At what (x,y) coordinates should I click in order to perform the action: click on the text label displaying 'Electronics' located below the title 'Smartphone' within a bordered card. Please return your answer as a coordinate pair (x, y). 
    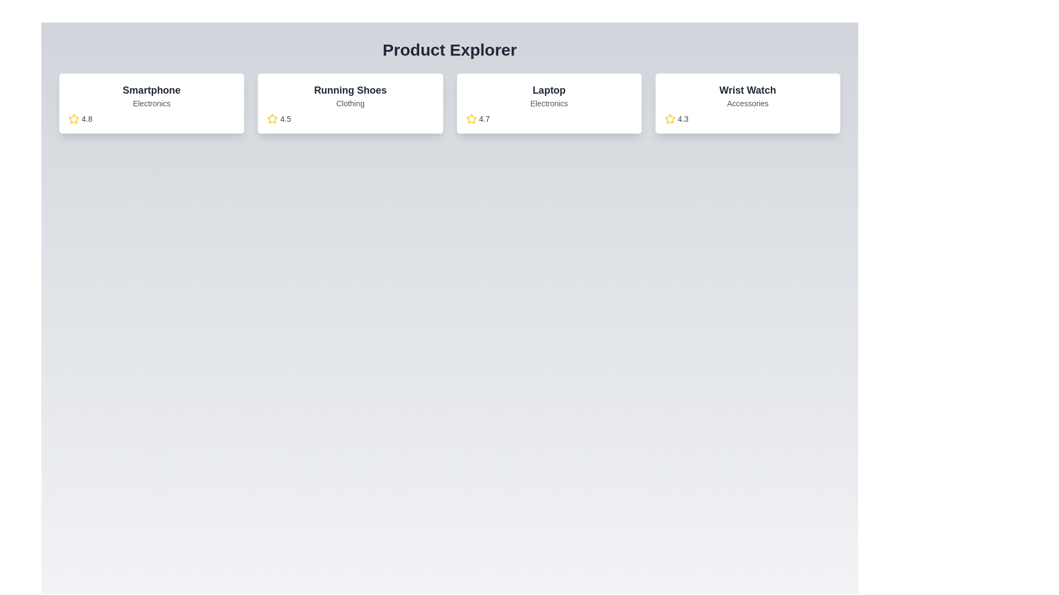
    Looking at the image, I should click on (151, 104).